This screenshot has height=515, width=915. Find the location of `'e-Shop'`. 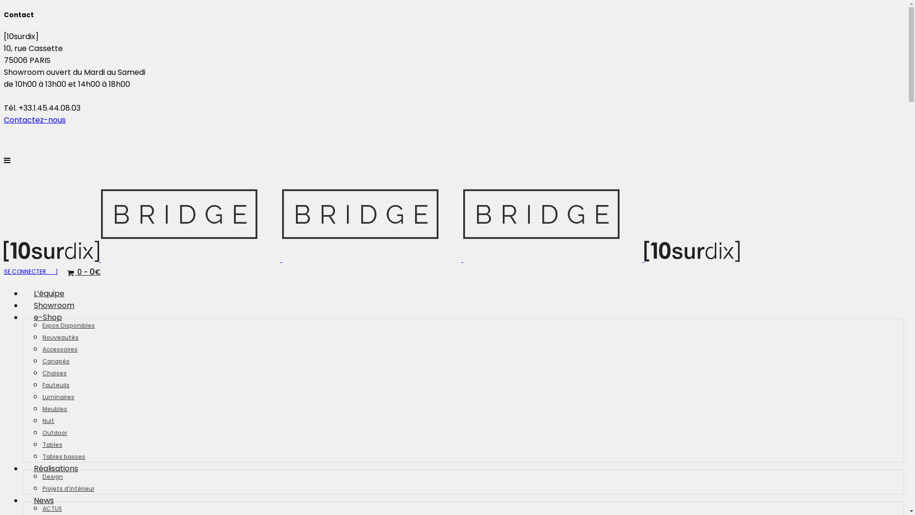

'e-Shop' is located at coordinates (47, 317).